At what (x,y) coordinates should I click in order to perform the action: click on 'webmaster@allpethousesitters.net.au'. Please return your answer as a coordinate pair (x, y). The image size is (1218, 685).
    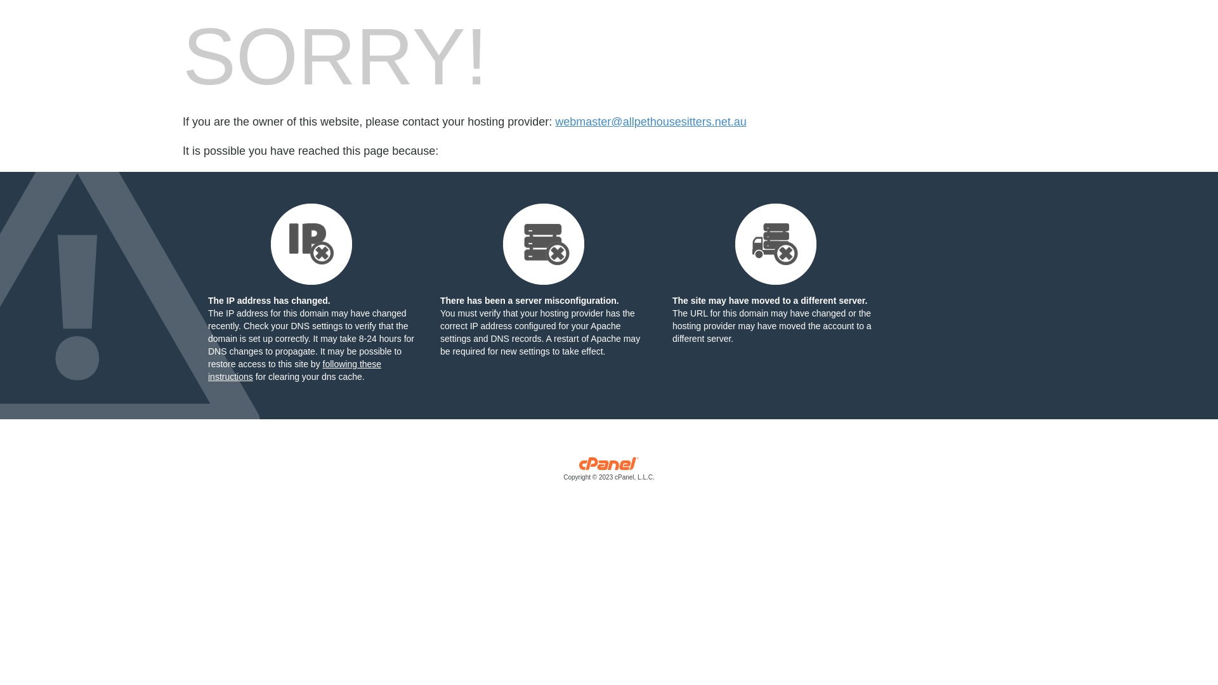
    Looking at the image, I should click on (650, 122).